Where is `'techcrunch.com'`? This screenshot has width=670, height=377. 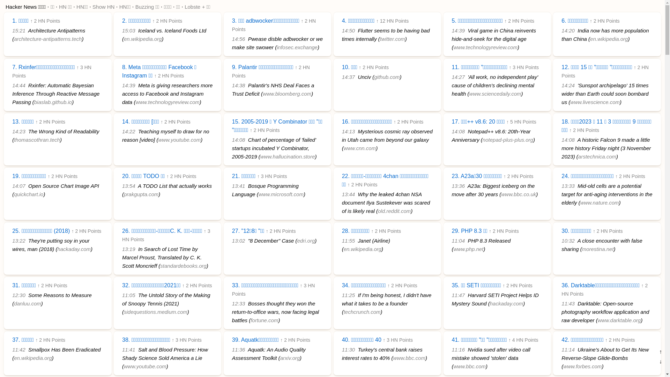 'techcrunch.com' is located at coordinates (362, 311).